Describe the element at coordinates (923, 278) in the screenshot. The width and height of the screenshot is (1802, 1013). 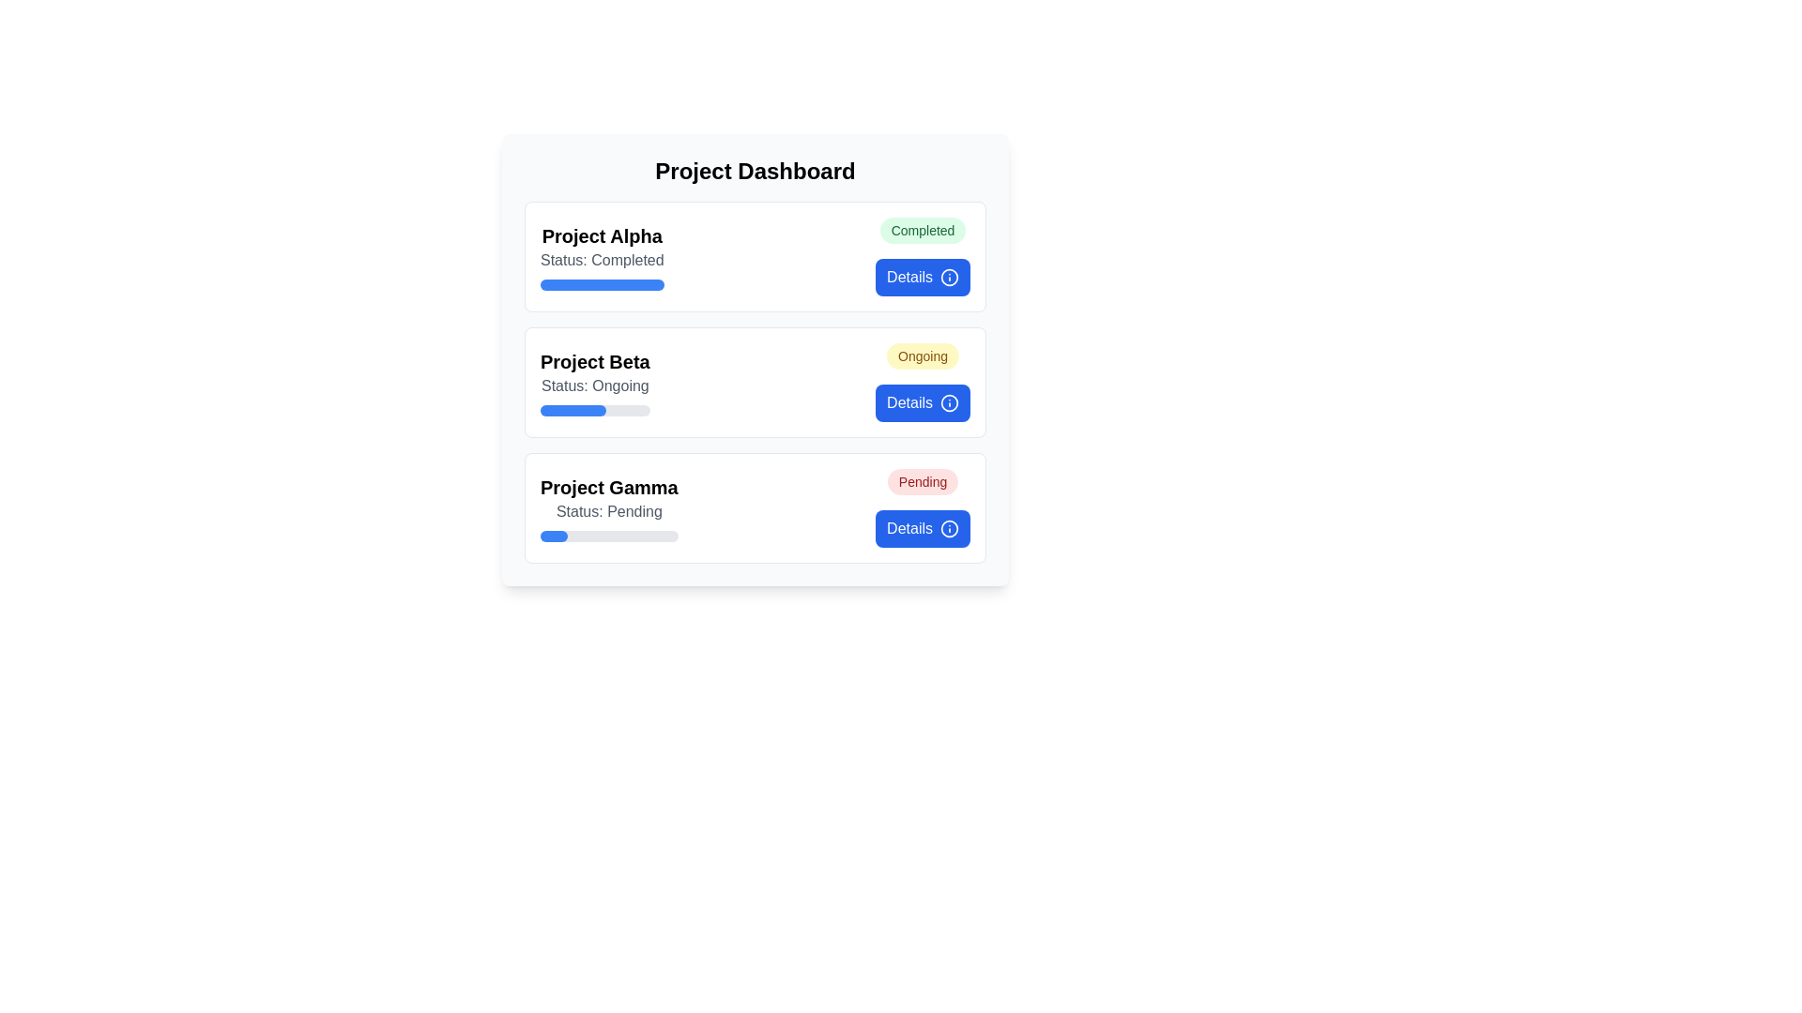
I see `the 'Details' button located under the 'Completed' label within the 'Project Alpha' card` at that location.